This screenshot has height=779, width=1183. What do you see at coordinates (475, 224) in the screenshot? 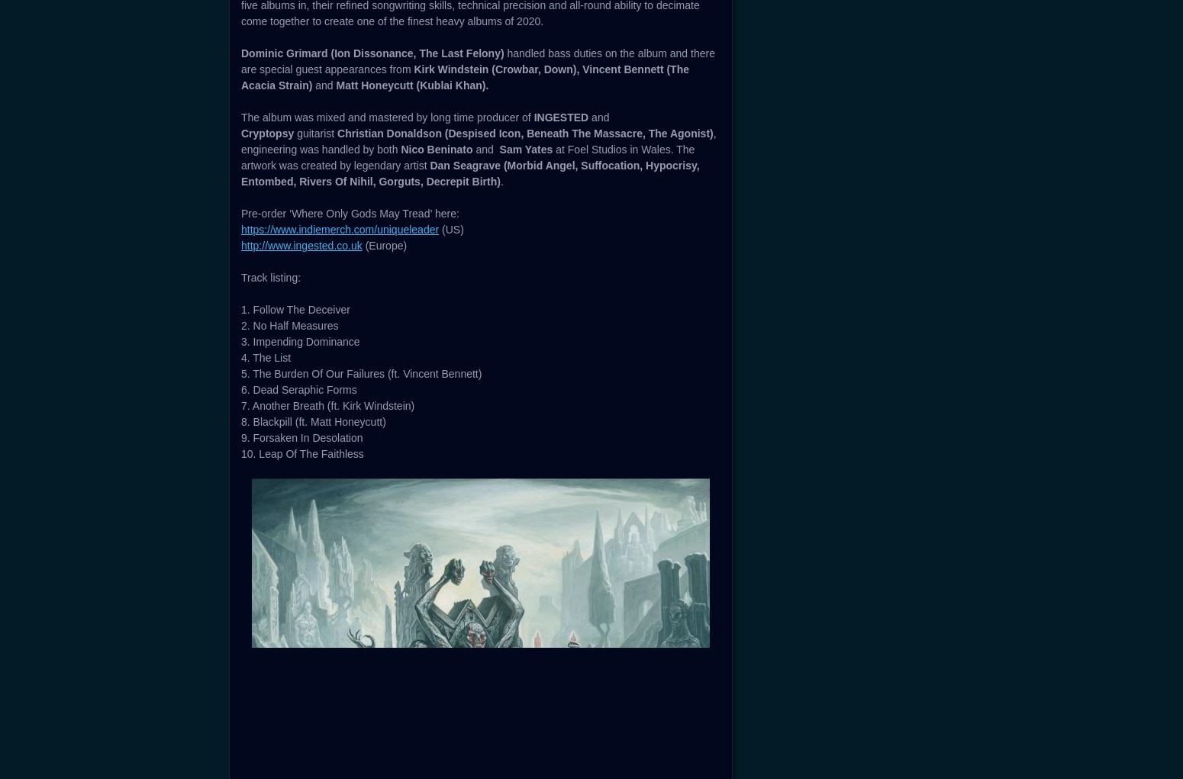
I see `'“The director for this video was Shayne Minott at Budget Blood Productions. Seeing his style the idea was to do this all out 90s throwback, dark claymation video. Just like the ones that used to play on music TV when we were teenagers. The story was the ideas and themes of the song itself: defeat, self-loathing, the human condition, shame and control. I wrote the basic outline of the plot and we sent him a lot of content and he came up with what we wanted. Great to work with and considering his medium he absolutely worked his ass off and knocked it out the park.”'` at bounding box center [475, 224].